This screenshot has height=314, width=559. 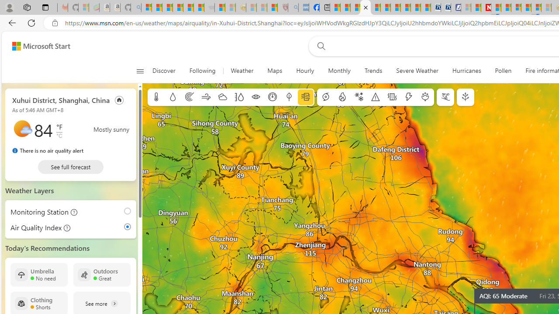 I want to click on 'Robert H. Shmerling, MD - Harvard Health - Sleeping', so click(x=283, y=7).